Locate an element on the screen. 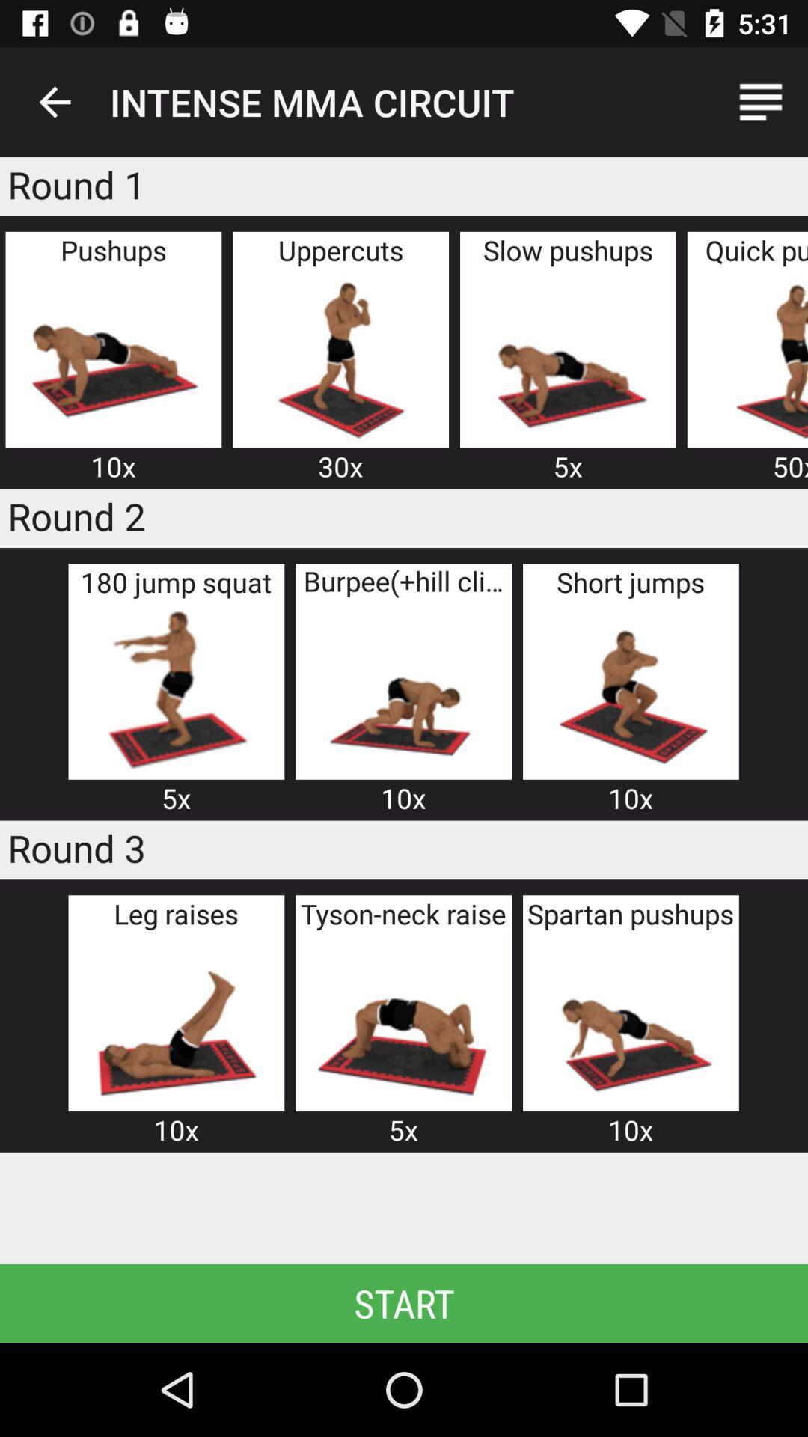 This screenshot has width=808, height=1437. start item is located at coordinates (404, 1302).